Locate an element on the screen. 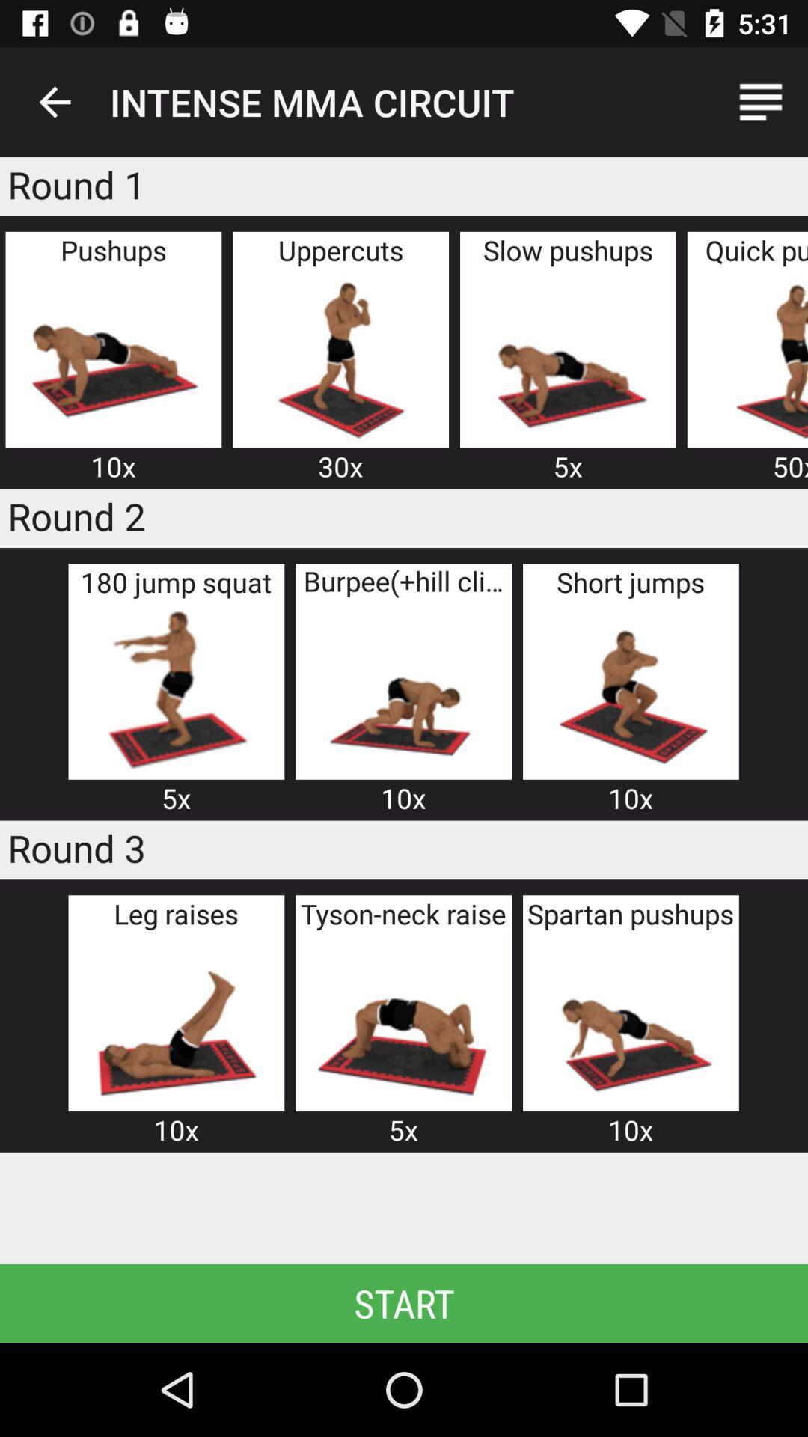 This screenshot has width=808, height=1437. start item is located at coordinates (404, 1302).